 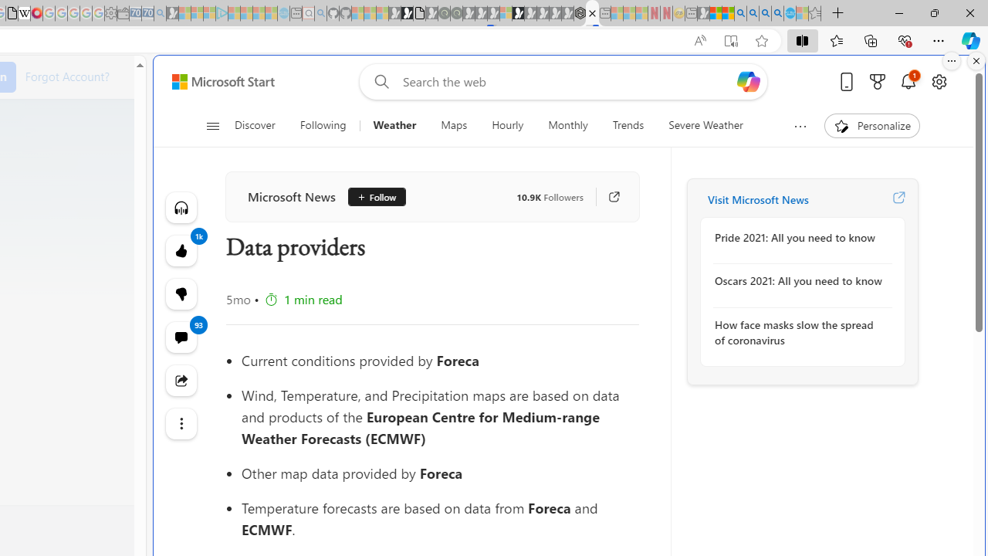 What do you see at coordinates (878, 81) in the screenshot?
I see `'Microsoft rewards'` at bounding box center [878, 81].